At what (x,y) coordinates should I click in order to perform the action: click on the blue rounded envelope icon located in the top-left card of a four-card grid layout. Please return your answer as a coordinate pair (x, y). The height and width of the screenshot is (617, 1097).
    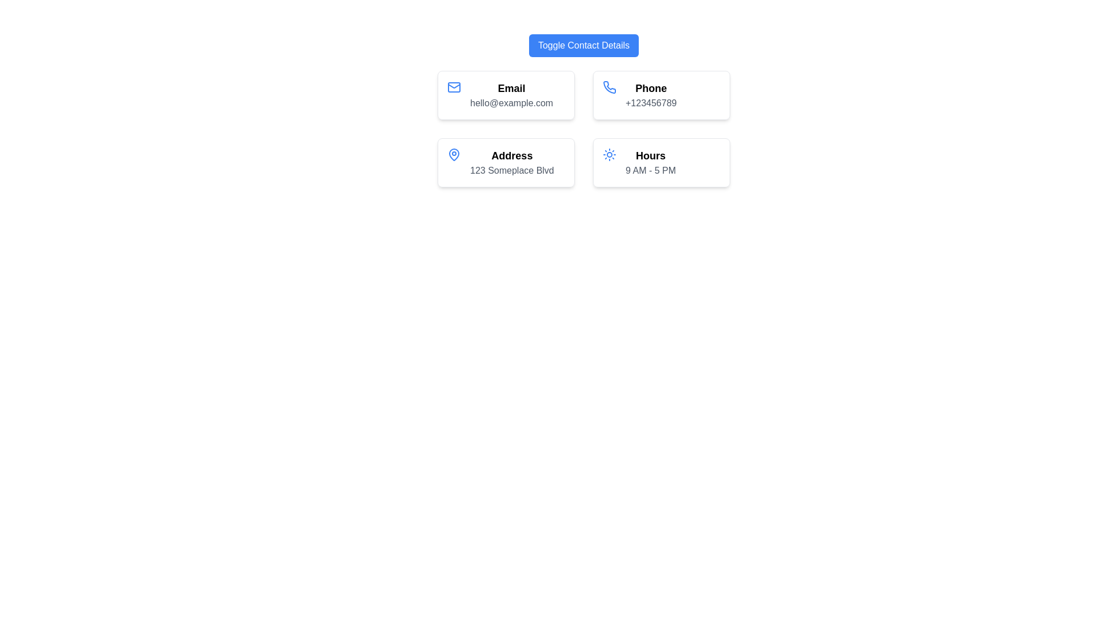
    Looking at the image, I should click on (454, 87).